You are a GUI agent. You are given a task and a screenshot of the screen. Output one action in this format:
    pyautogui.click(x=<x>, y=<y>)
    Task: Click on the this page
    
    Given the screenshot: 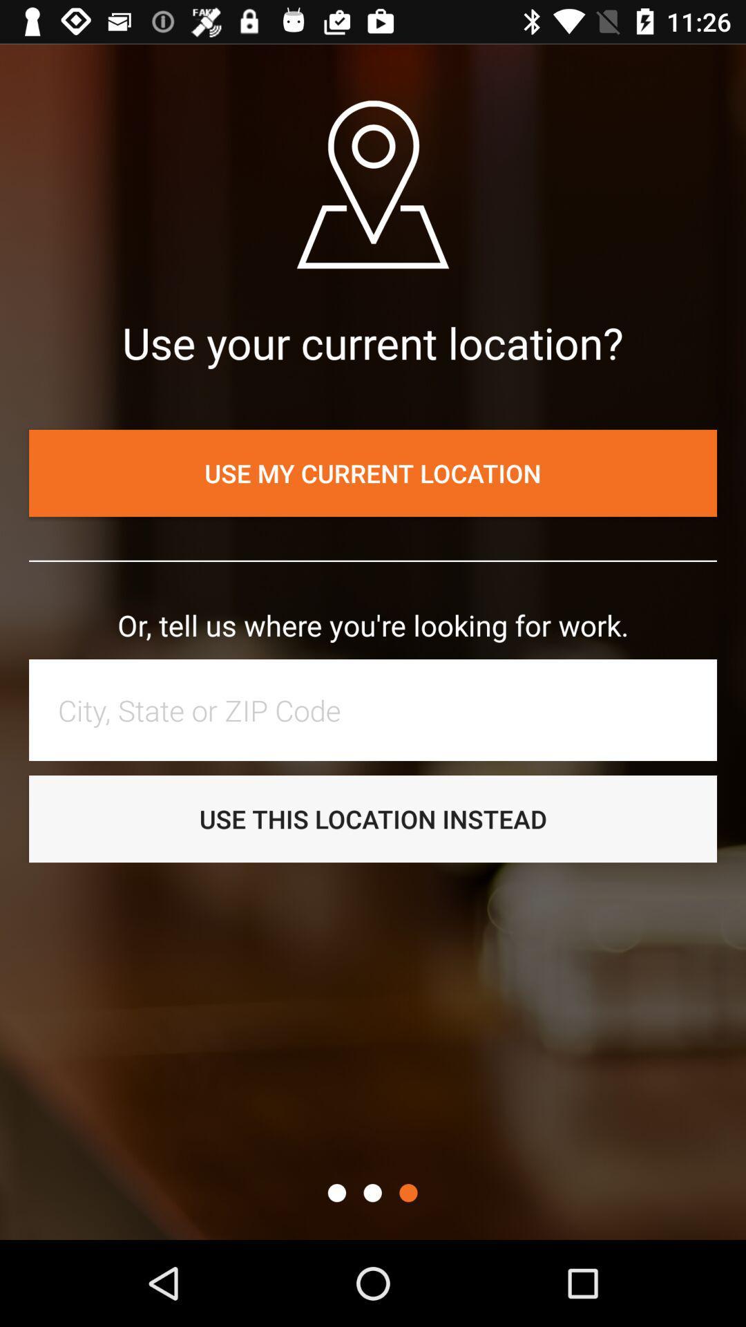 What is the action you would take?
    pyautogui.click(x=336, y=1192)
    